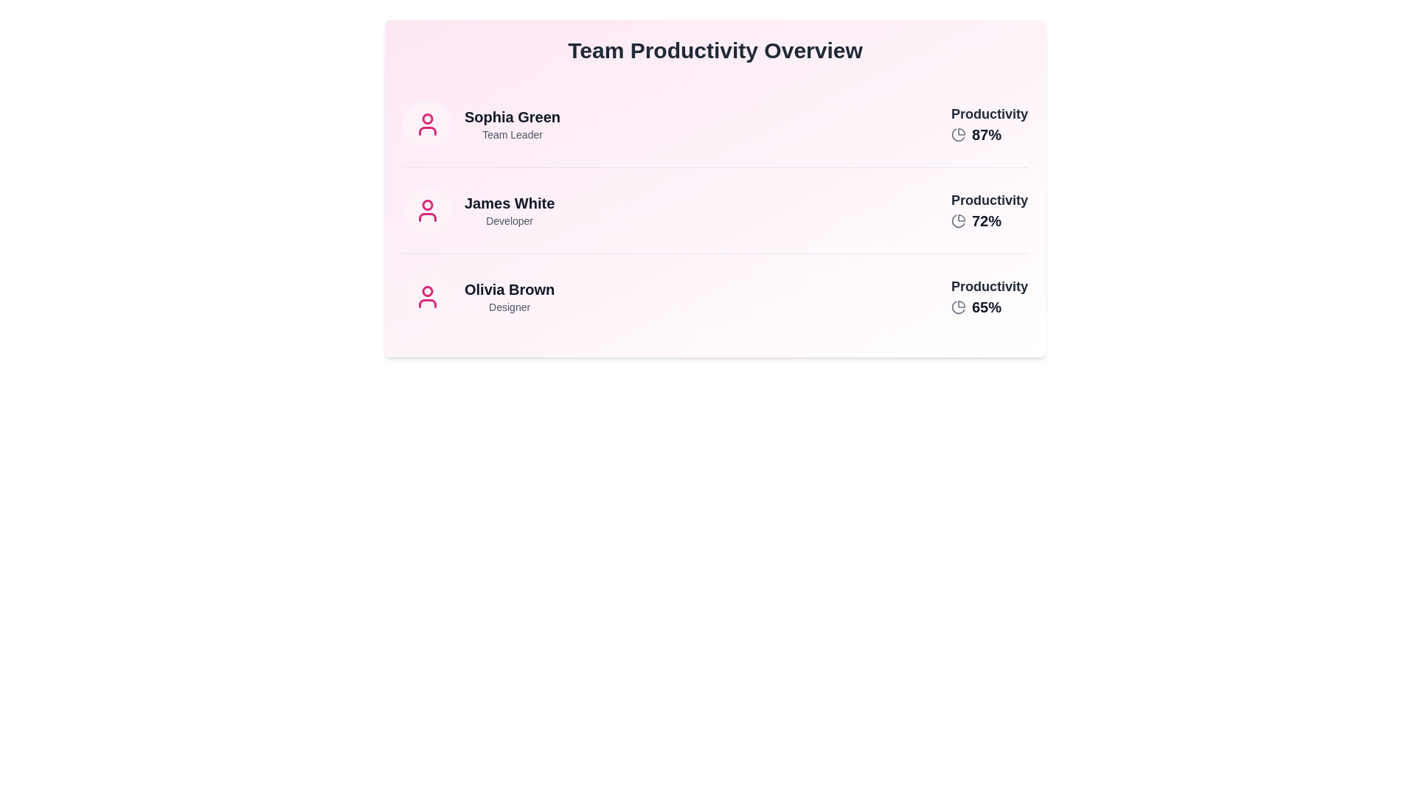  Describe the element at coordinates (510, 306) in the screenshot. I see `the text label displaying 'Designer' located beneath the bold name 'Olivia Brown' in the third row of the displayed list` at that location.